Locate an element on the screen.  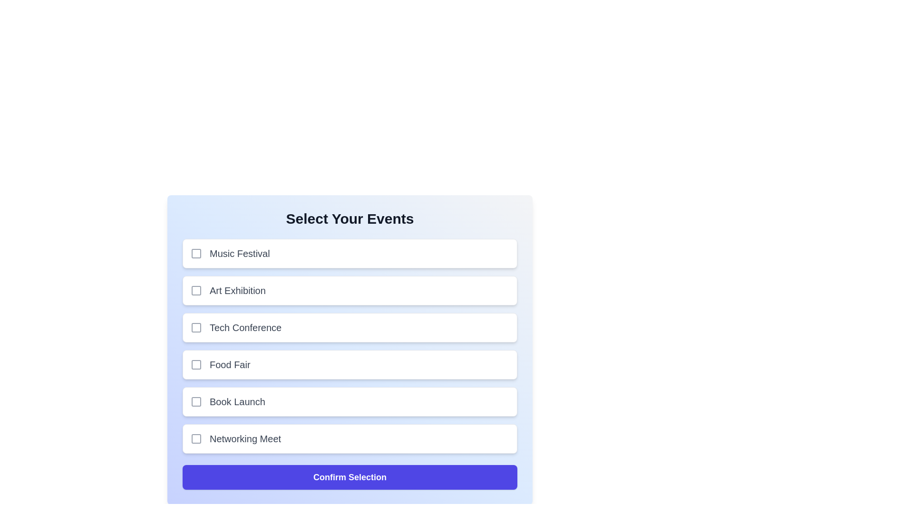
the event Tech Conference to observe the hover effect is located at coordinates (349, 327).